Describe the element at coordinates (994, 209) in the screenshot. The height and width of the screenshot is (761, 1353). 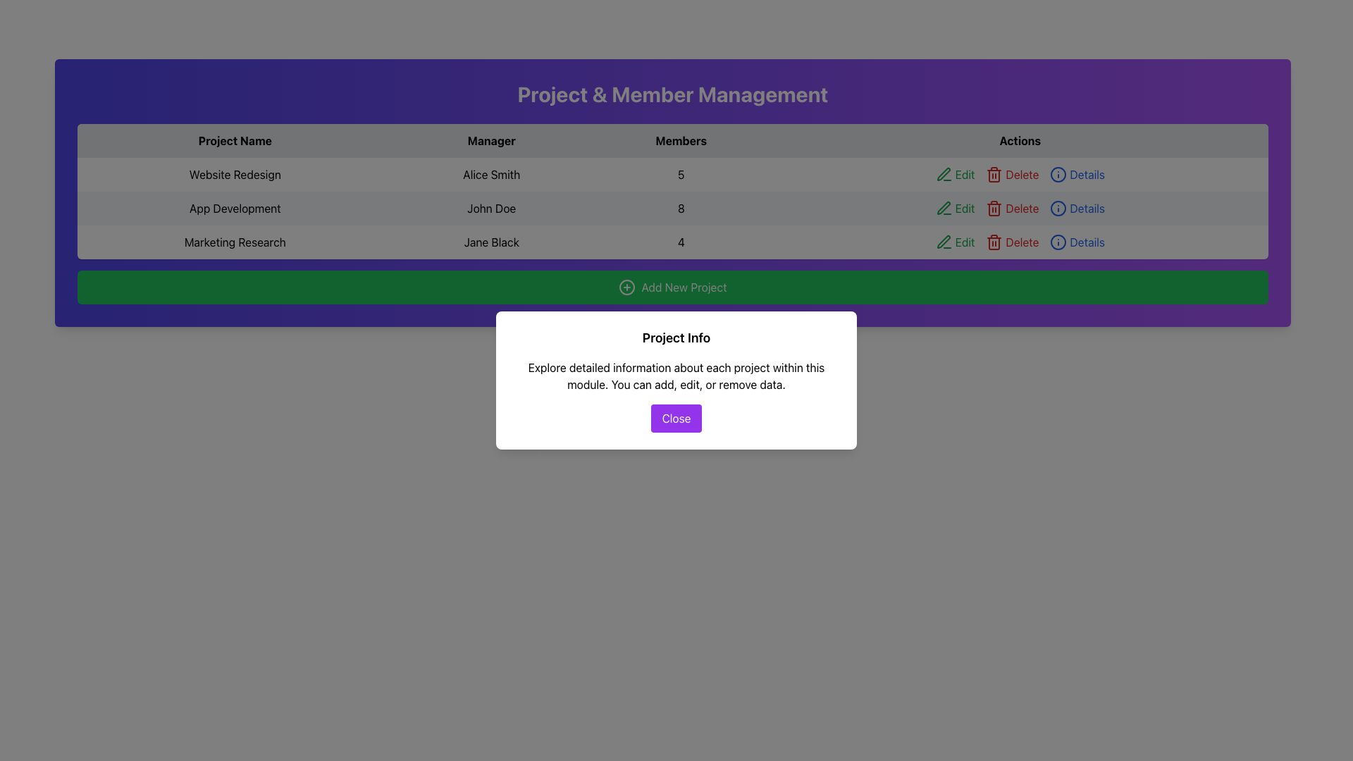
I see `the delete icon located in the 'Actions' column of the table row for the 'App Development' project entry` at that location.